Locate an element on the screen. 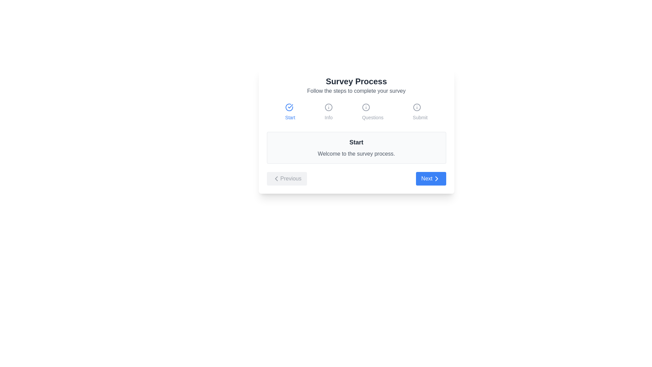 The width and height of the screenshot is (652, 367). the 'Next' button, which has a blue background and white text is located at coordinates (431, 178).